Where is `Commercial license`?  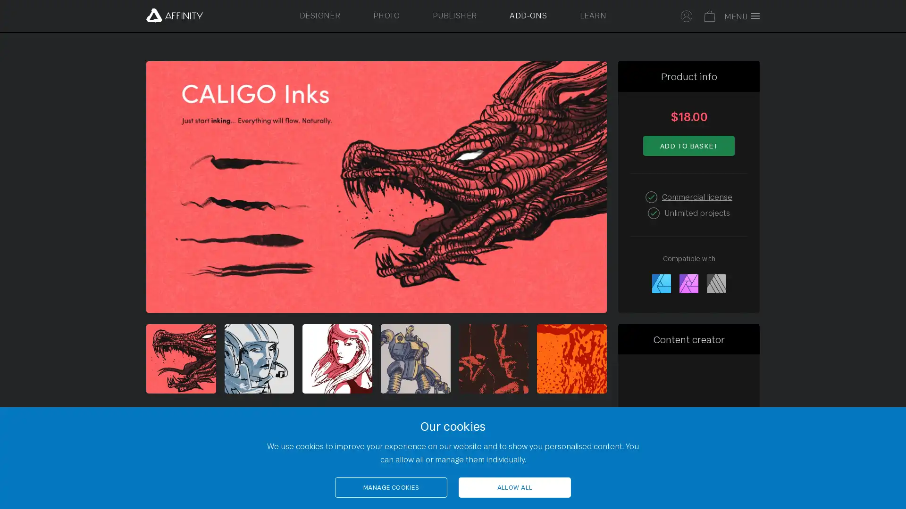 Commercial license is located at coordinates (697, 196).